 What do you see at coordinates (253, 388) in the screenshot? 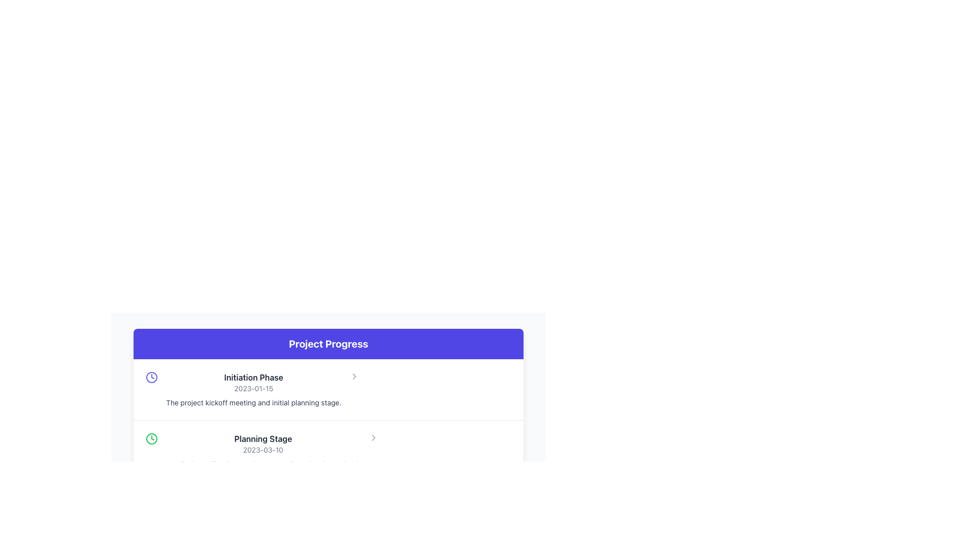
I see `the text label displaying the date '2023-01-15', which is styled in a smaller, gray font and positioned below the bold heading 'Initiation Phase'` at bounding box center [253, 388].